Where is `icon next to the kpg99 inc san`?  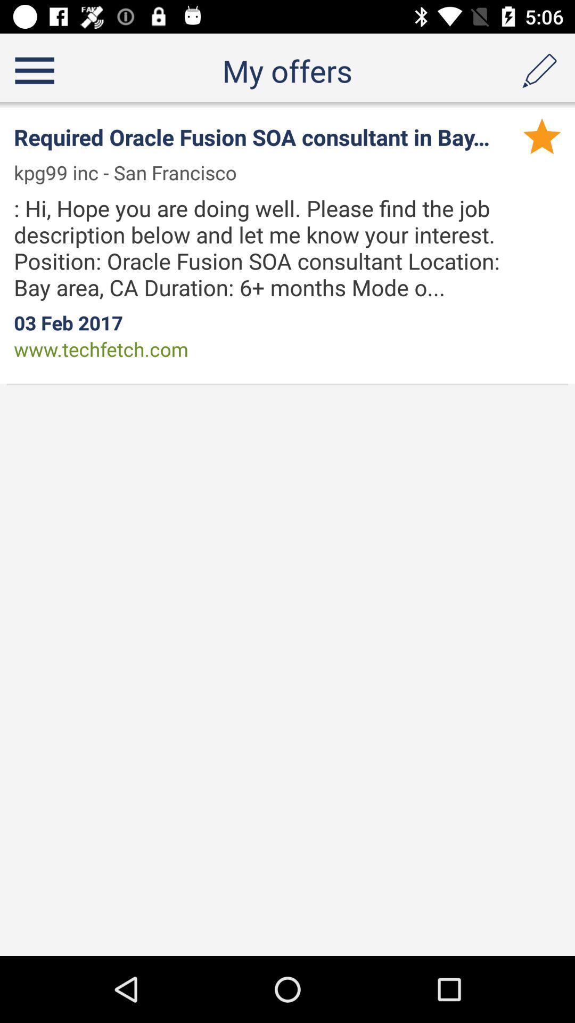
icon next to the kpg99 inc san is located at coordinates (542, 135).